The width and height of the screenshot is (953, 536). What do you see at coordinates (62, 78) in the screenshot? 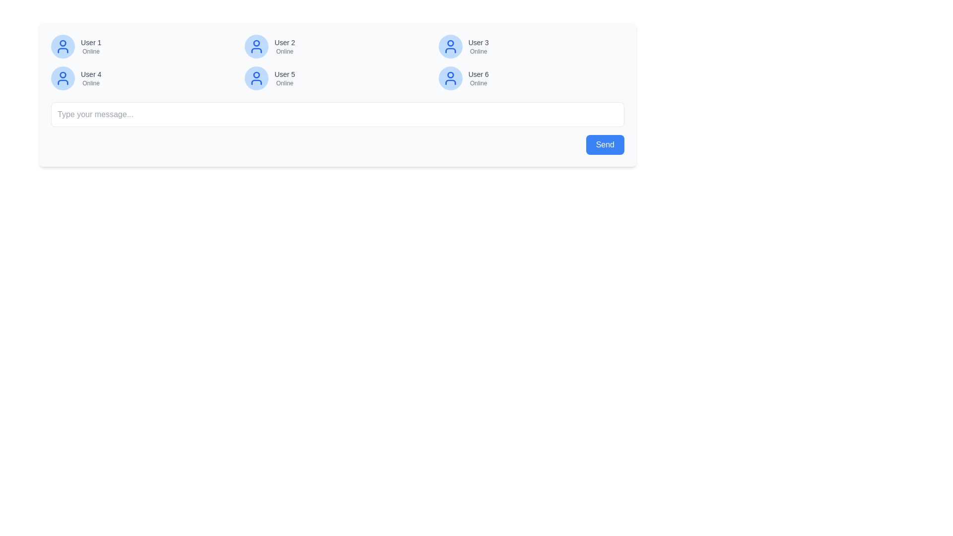
I see `the icon representing 'User 4' which is located next to the status labels for 'User 4 Online'` at bounding box center [62, 78].